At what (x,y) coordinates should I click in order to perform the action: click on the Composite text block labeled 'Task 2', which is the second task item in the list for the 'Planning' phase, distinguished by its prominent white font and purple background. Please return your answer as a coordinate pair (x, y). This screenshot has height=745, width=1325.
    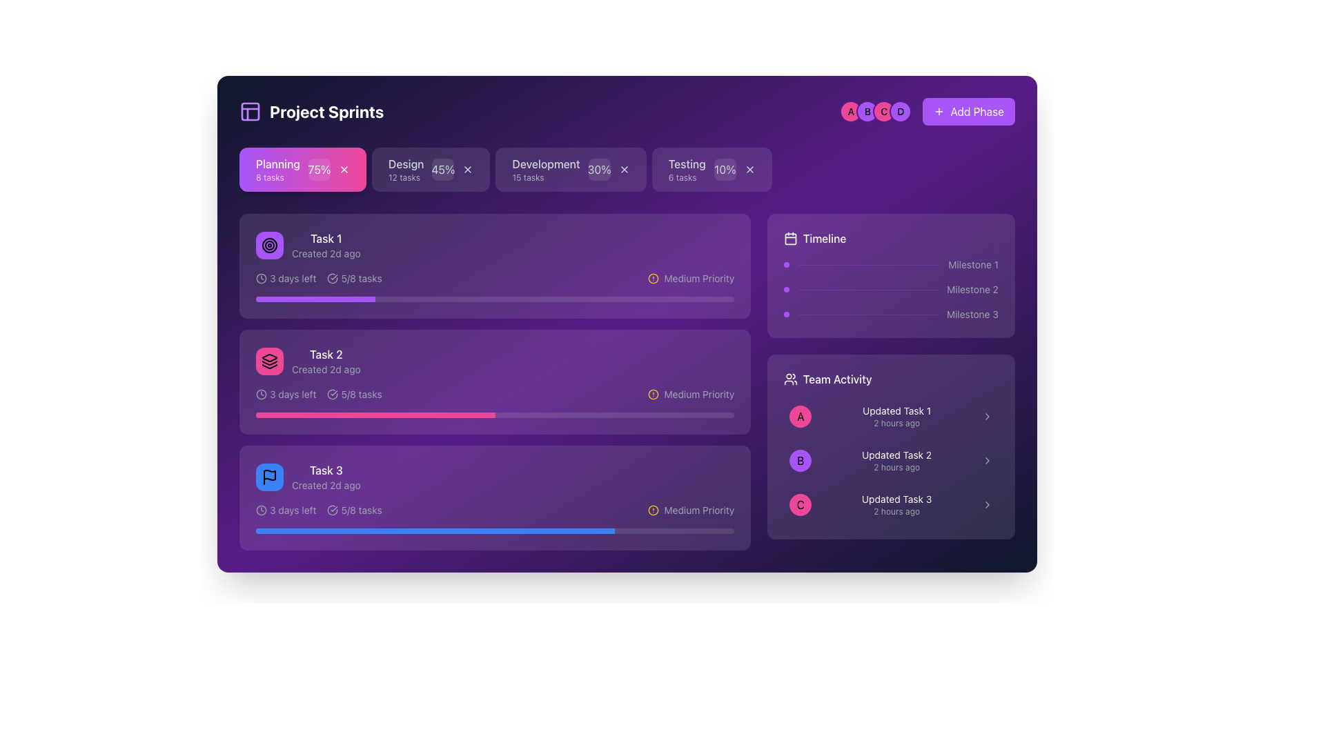
    Looking at the image, I should click on (325, 361).